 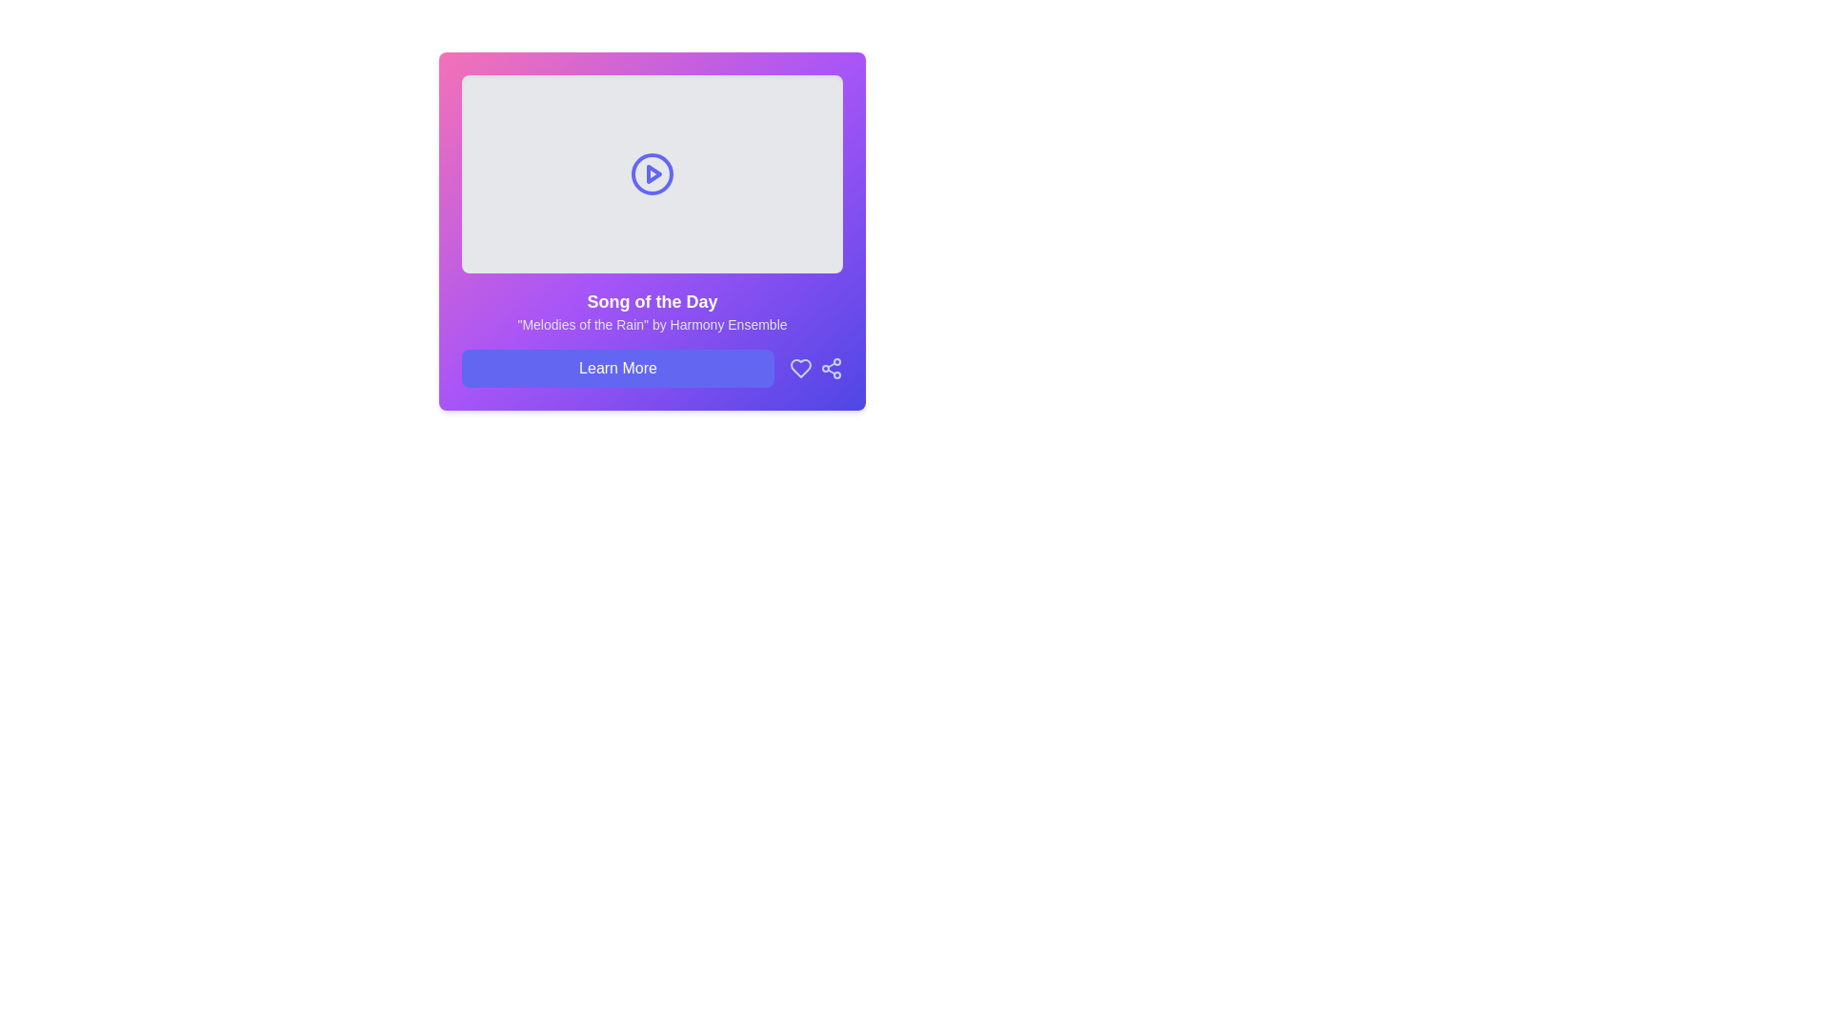 I want to click on the center of the media display area that serves as a preview for the 'Song of the Day', located above the textual details and the 'Learn More' button, so click(x=653, y=173).